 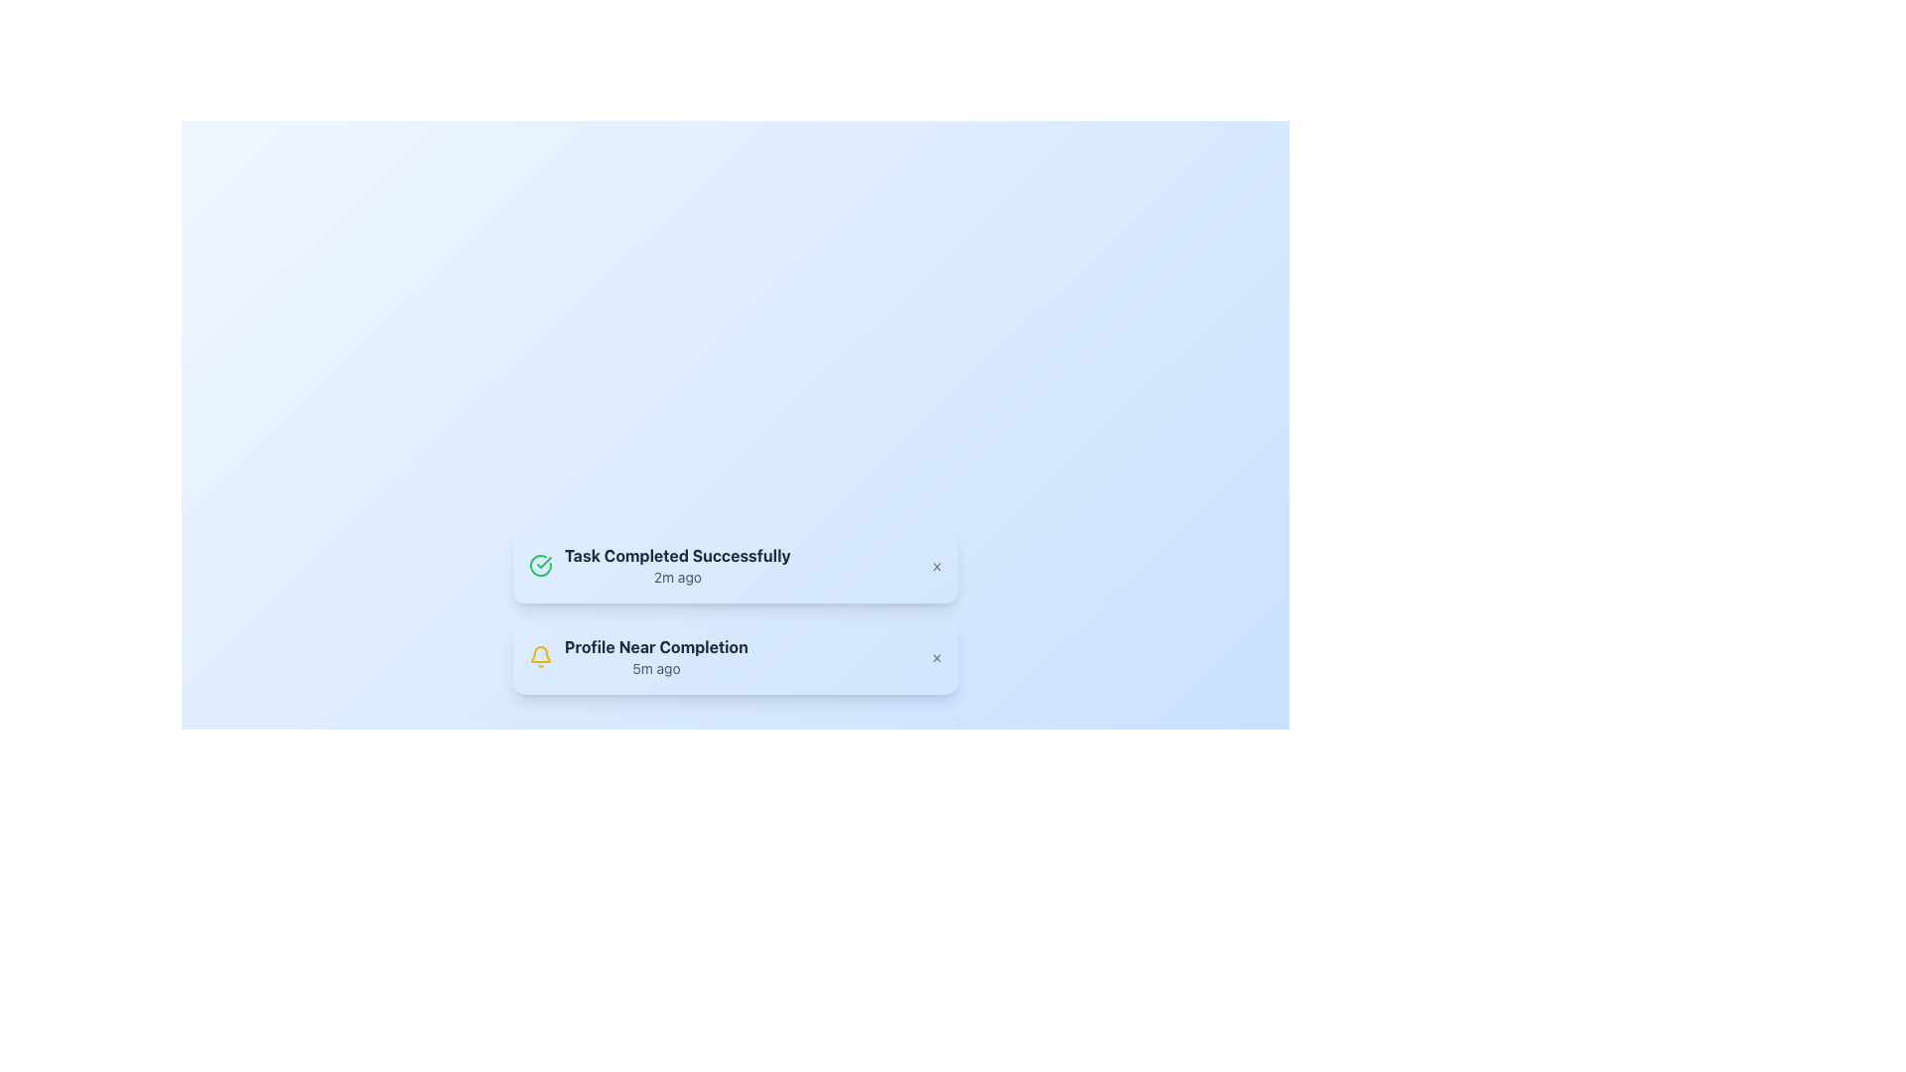 I want to click on success notification text displayed in the Notification Box located above the 'Profile Near Completion' text and to the left of the close button, so click(x=659, y=566).